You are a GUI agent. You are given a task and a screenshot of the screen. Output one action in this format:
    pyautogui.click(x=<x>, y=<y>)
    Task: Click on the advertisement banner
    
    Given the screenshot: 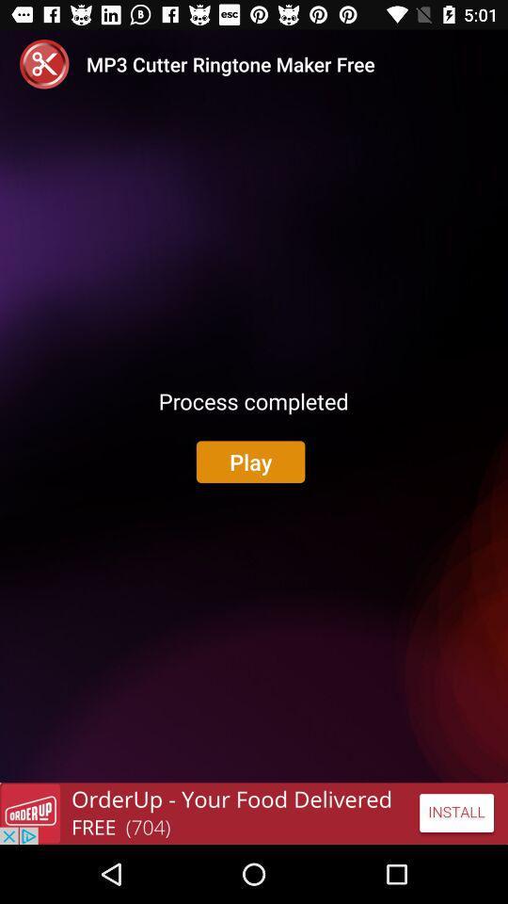 What is the action you would take?
    pyautogui.click(x=254, y=813)
    